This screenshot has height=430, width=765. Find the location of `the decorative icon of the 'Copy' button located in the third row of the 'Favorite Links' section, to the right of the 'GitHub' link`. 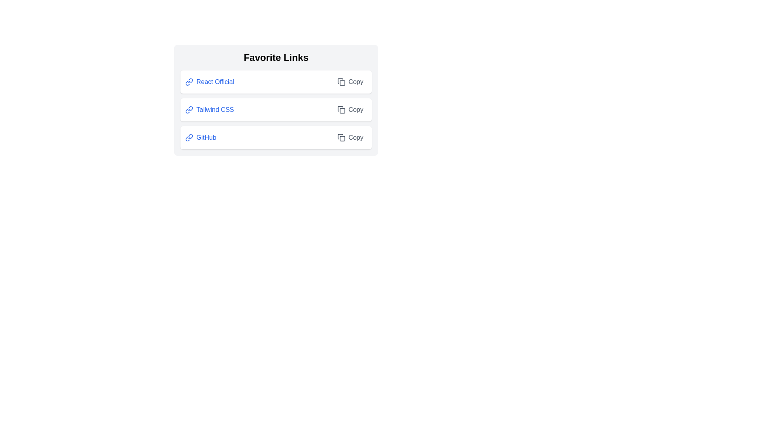

the decorative icon of the 'Copy' button located in the third row of the 'Favorite Links' section, to the right of the 'GitHub' link is located at coordinates (341, 137).